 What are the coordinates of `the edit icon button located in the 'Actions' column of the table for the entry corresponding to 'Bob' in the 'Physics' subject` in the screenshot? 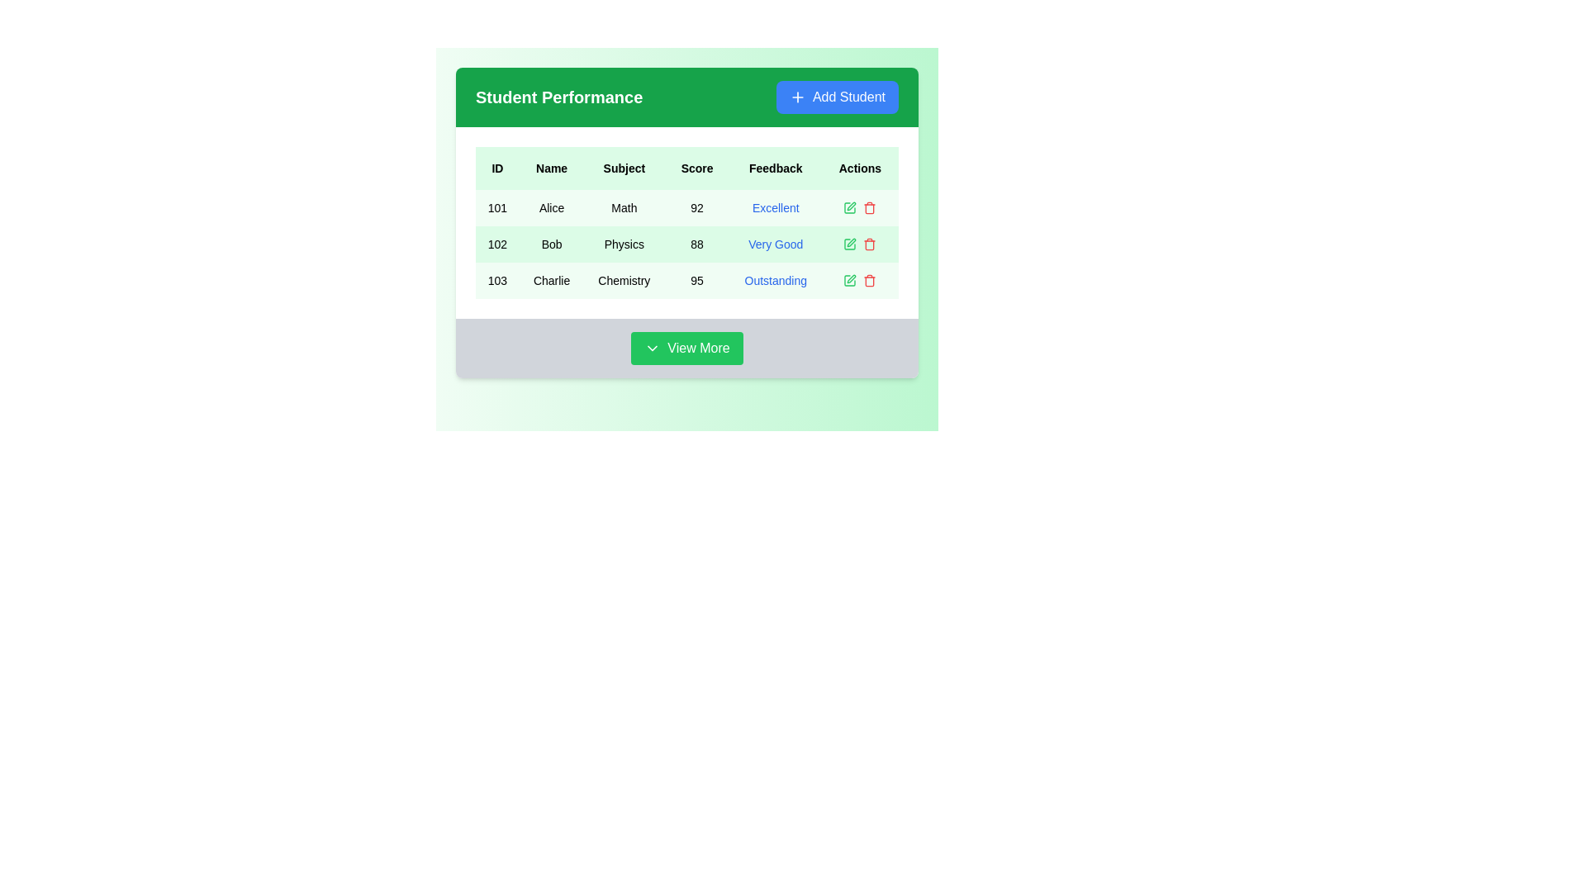 It's located at (850, 206).